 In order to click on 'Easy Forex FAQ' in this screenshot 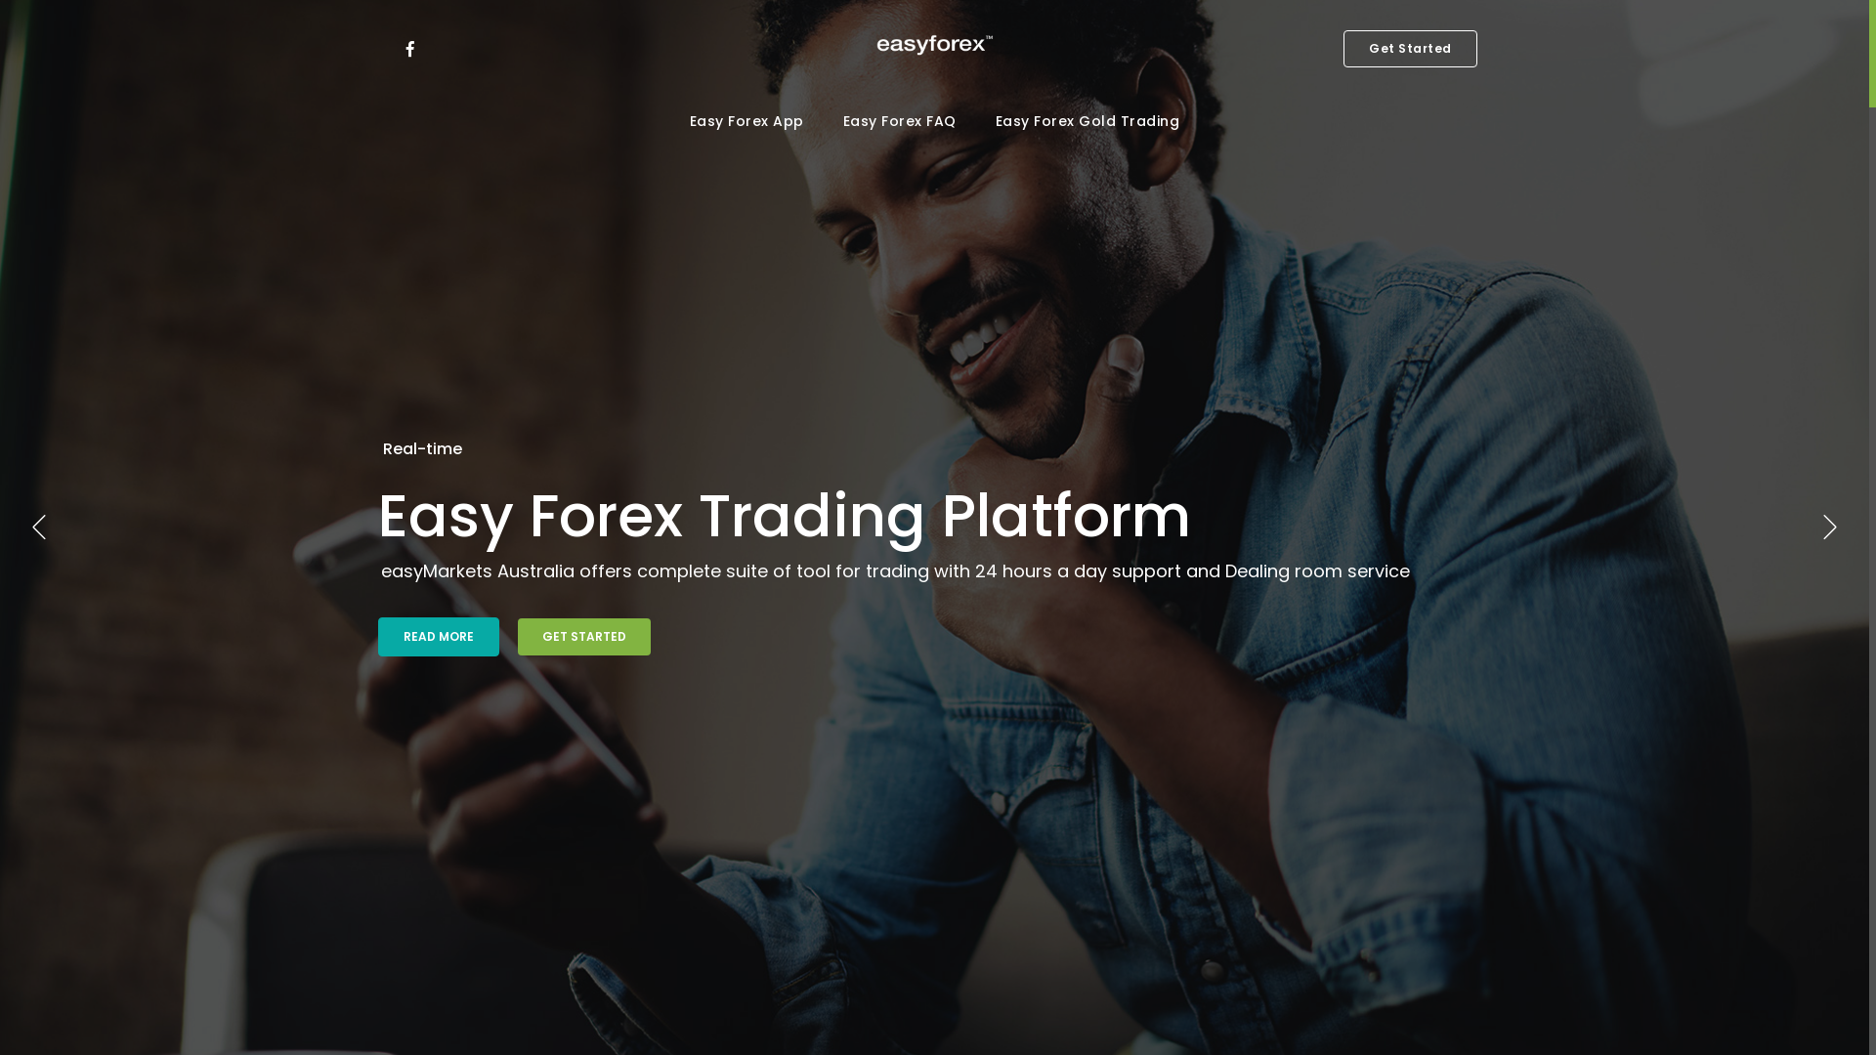, I will do `click(843, 121)`.